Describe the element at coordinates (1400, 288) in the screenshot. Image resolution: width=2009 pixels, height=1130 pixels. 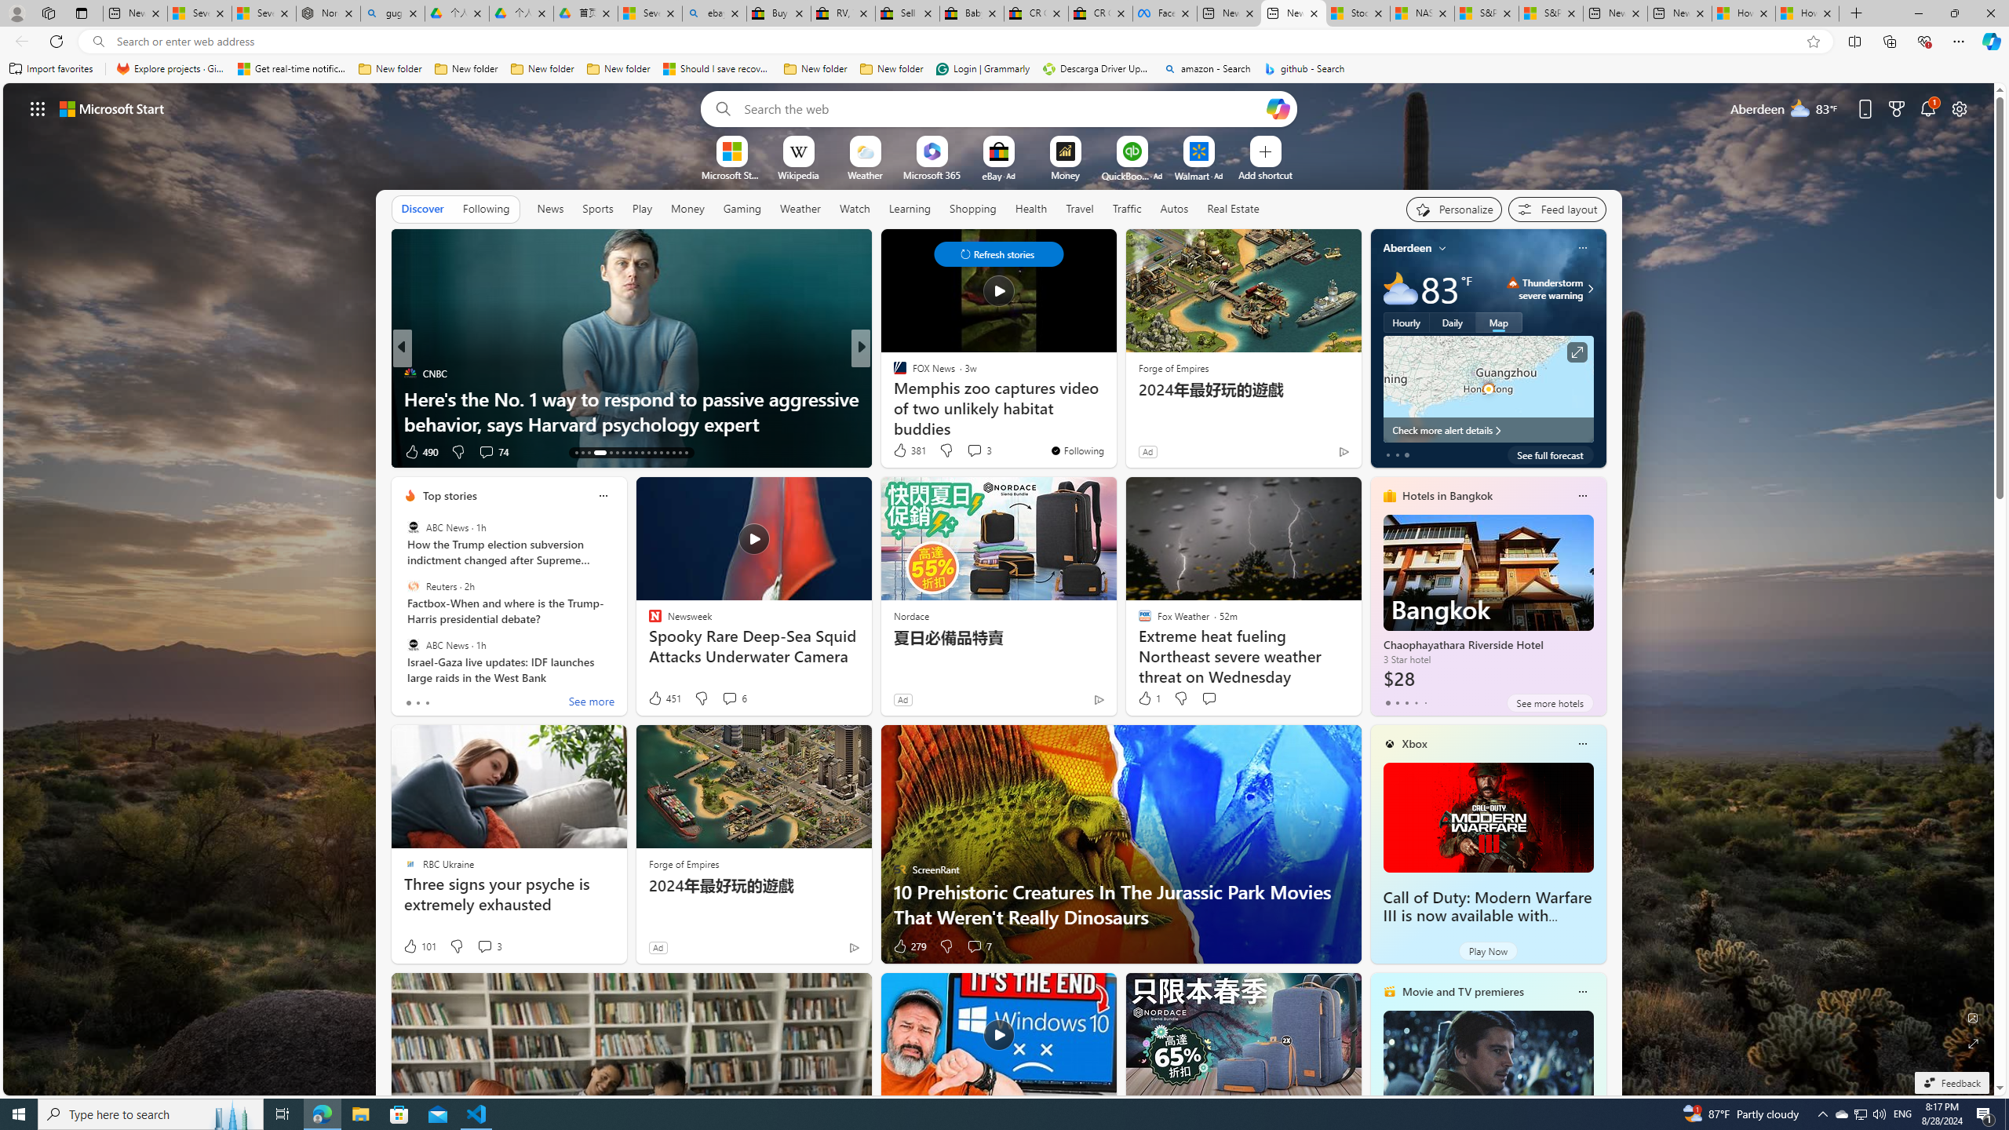
I see `'Mostly cloudy'` at that location.